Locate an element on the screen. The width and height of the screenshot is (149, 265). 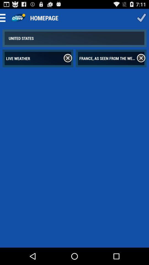
it is located at coordinates (141, 58).